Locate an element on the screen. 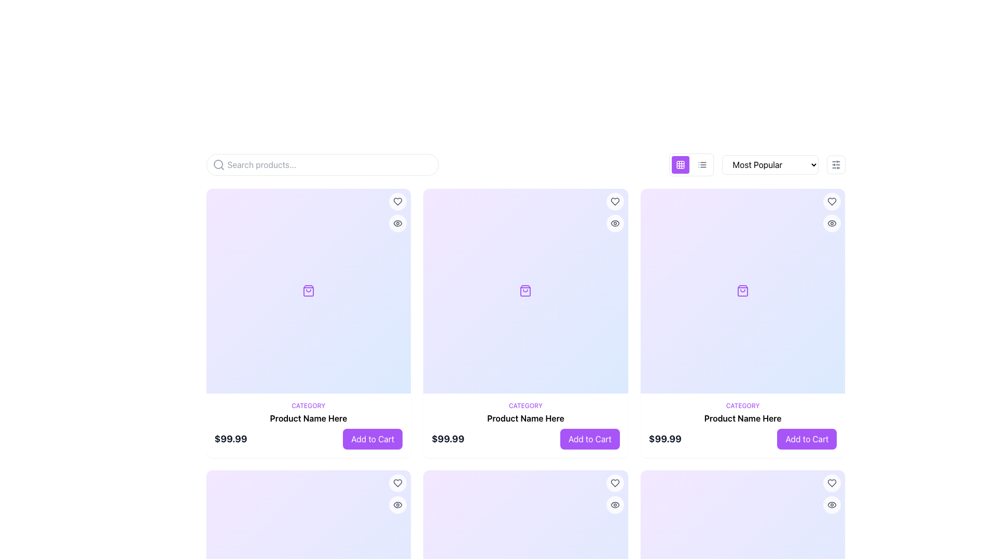 The height and width of the screenshot is (560, 996). the heart-shaped 'like' button located is located at coordinates (832, 202).